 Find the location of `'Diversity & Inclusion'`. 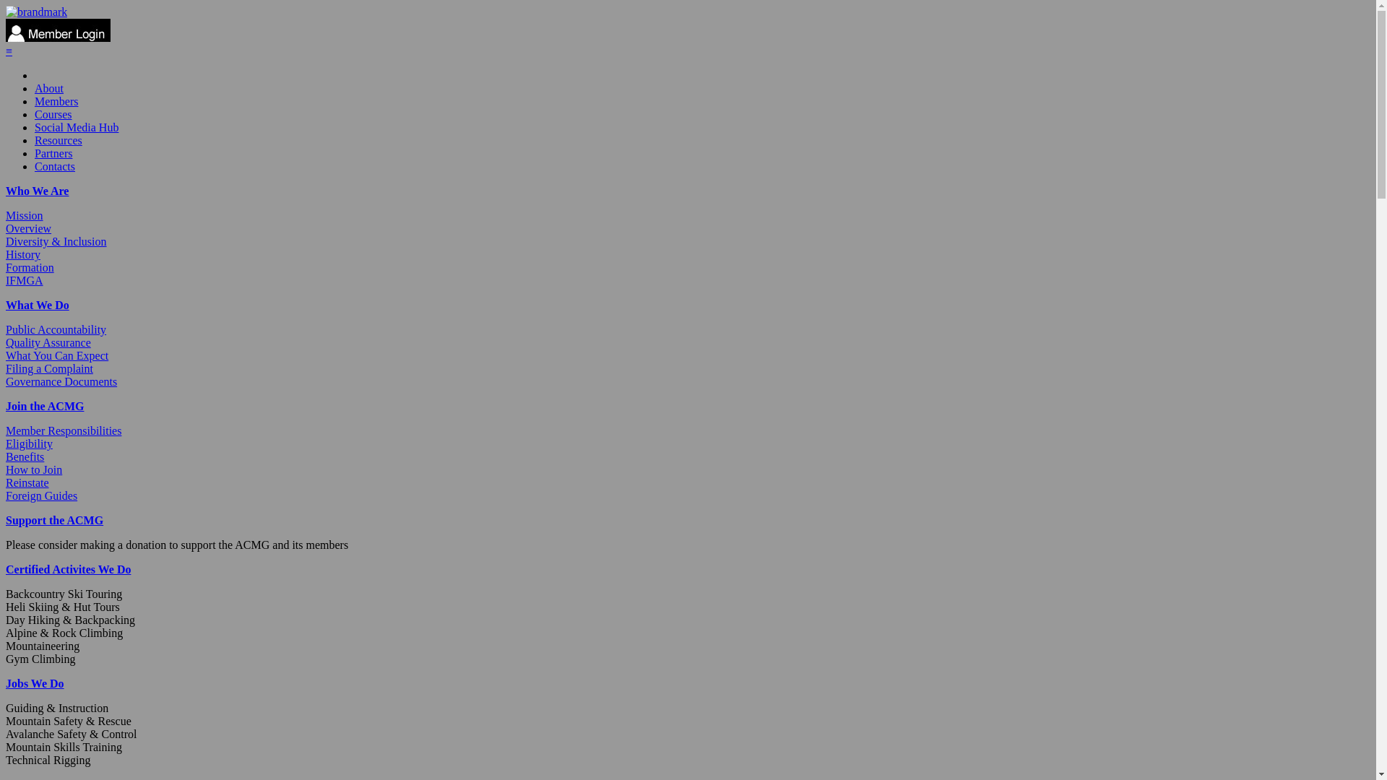

'Diversity & Inclusion' is located at coordinates (56, 240).